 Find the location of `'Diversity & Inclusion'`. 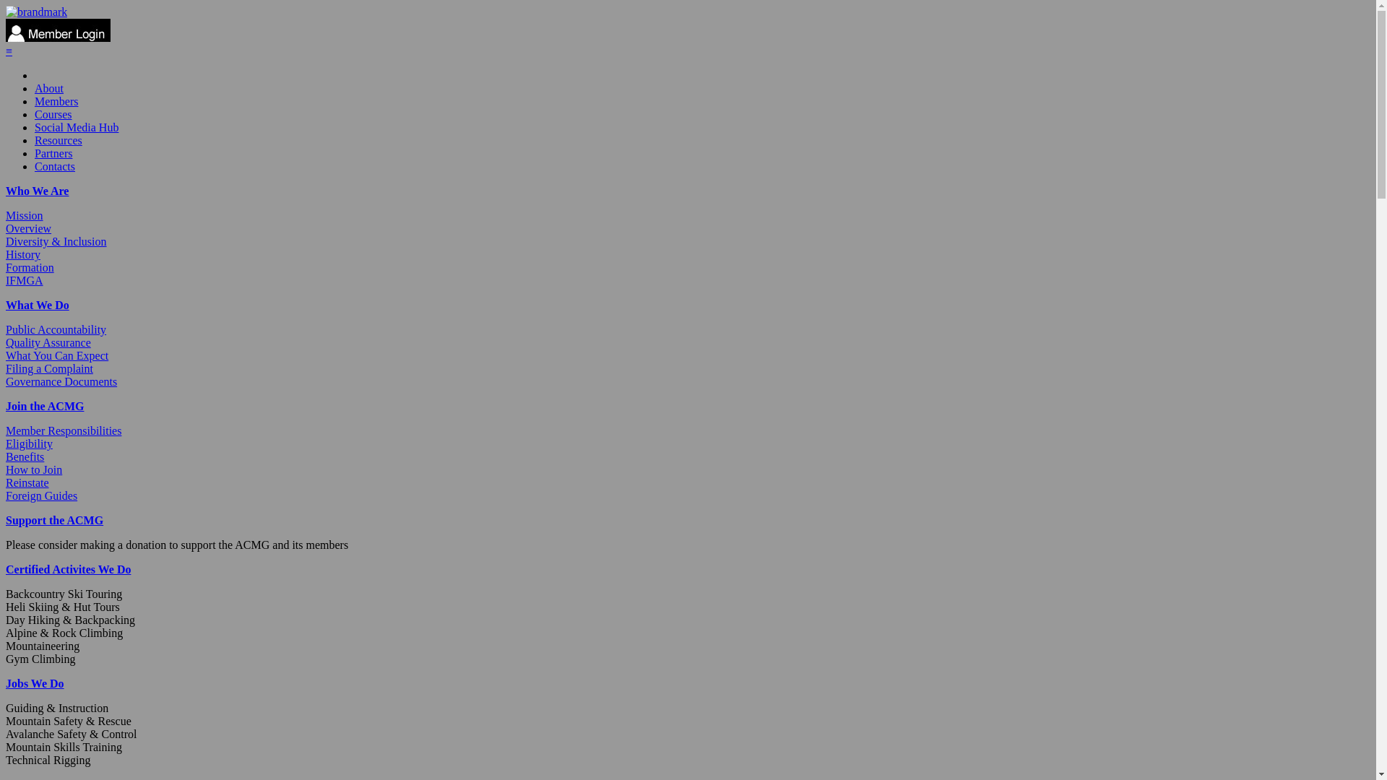

'Diversity & Inclusion' is located at coordinates (56, 240).